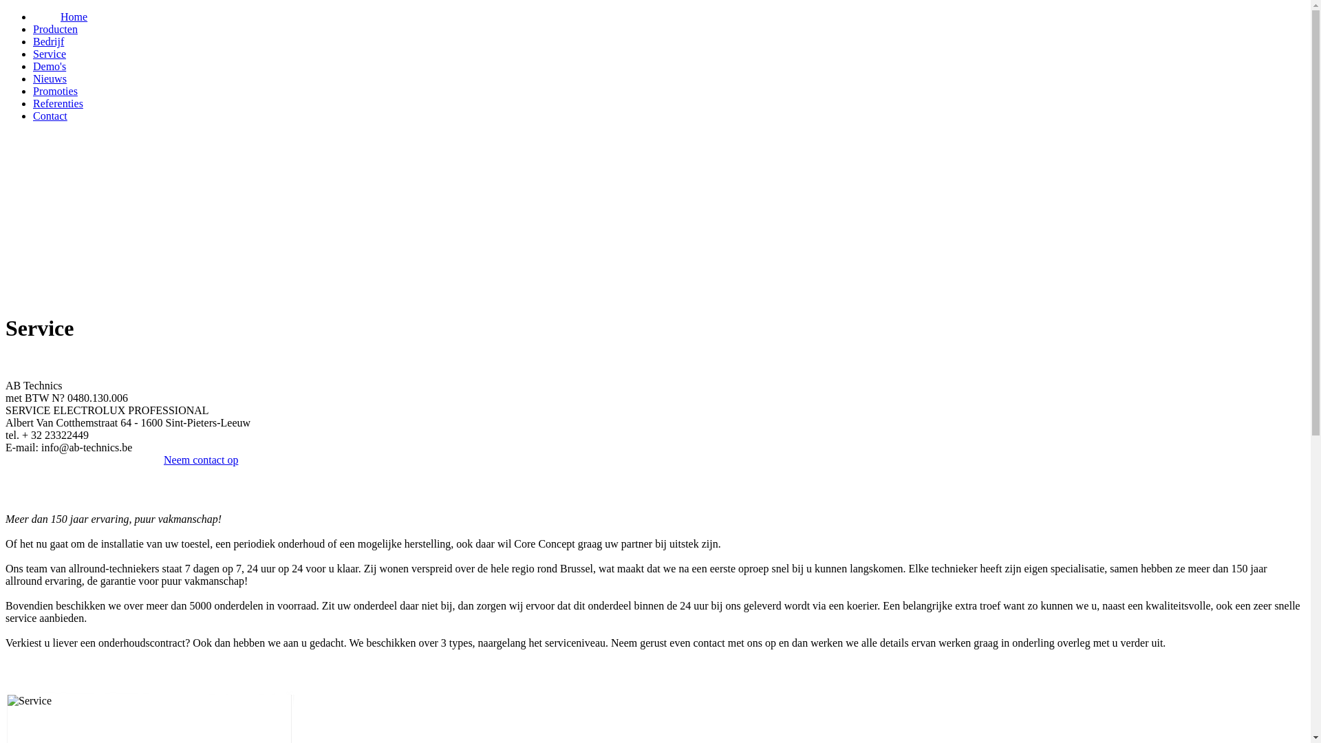  I want to click on 'Referenties', so click(57, 103).